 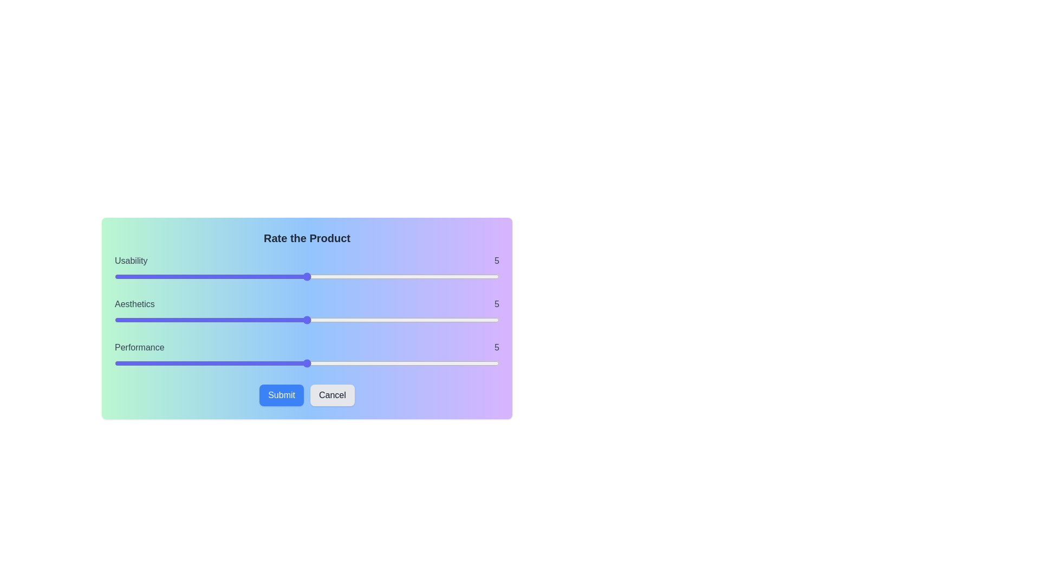 What do you see at coordinates (345, 276) in the screenshot?
I see `the slider to set the usability rating to 6` at bounding box center [345, 276].